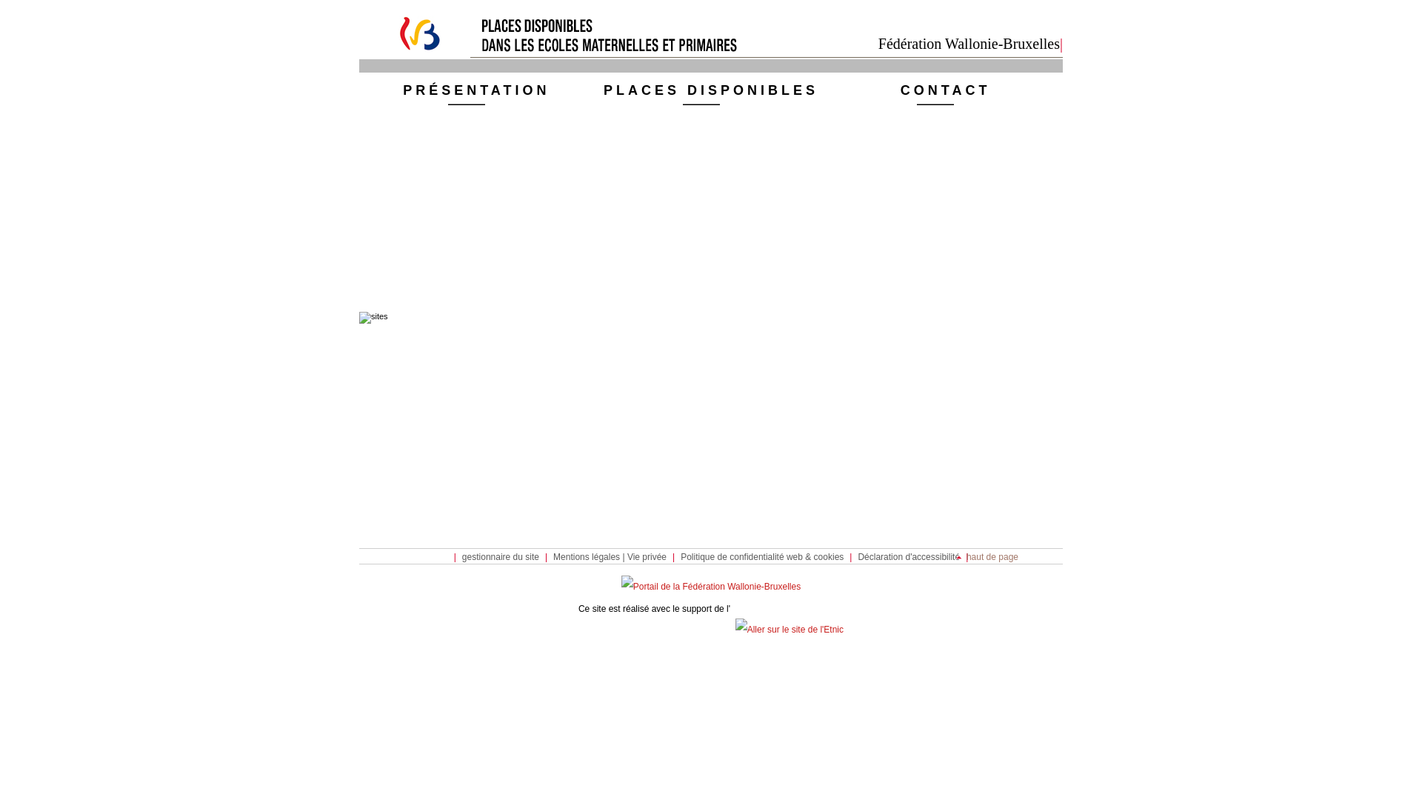 The image size is (1422, 800). What do you see at coordinates (788, 629) in the screenshot?
I see `'Aller sur le site de l'Etnic'` at bounding box center [788, 629].